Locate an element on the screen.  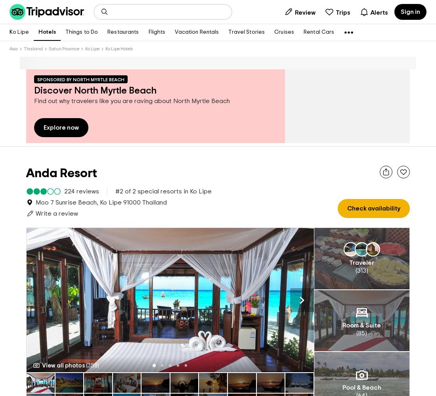
'Hotels' is located at coordinates (47, 32).